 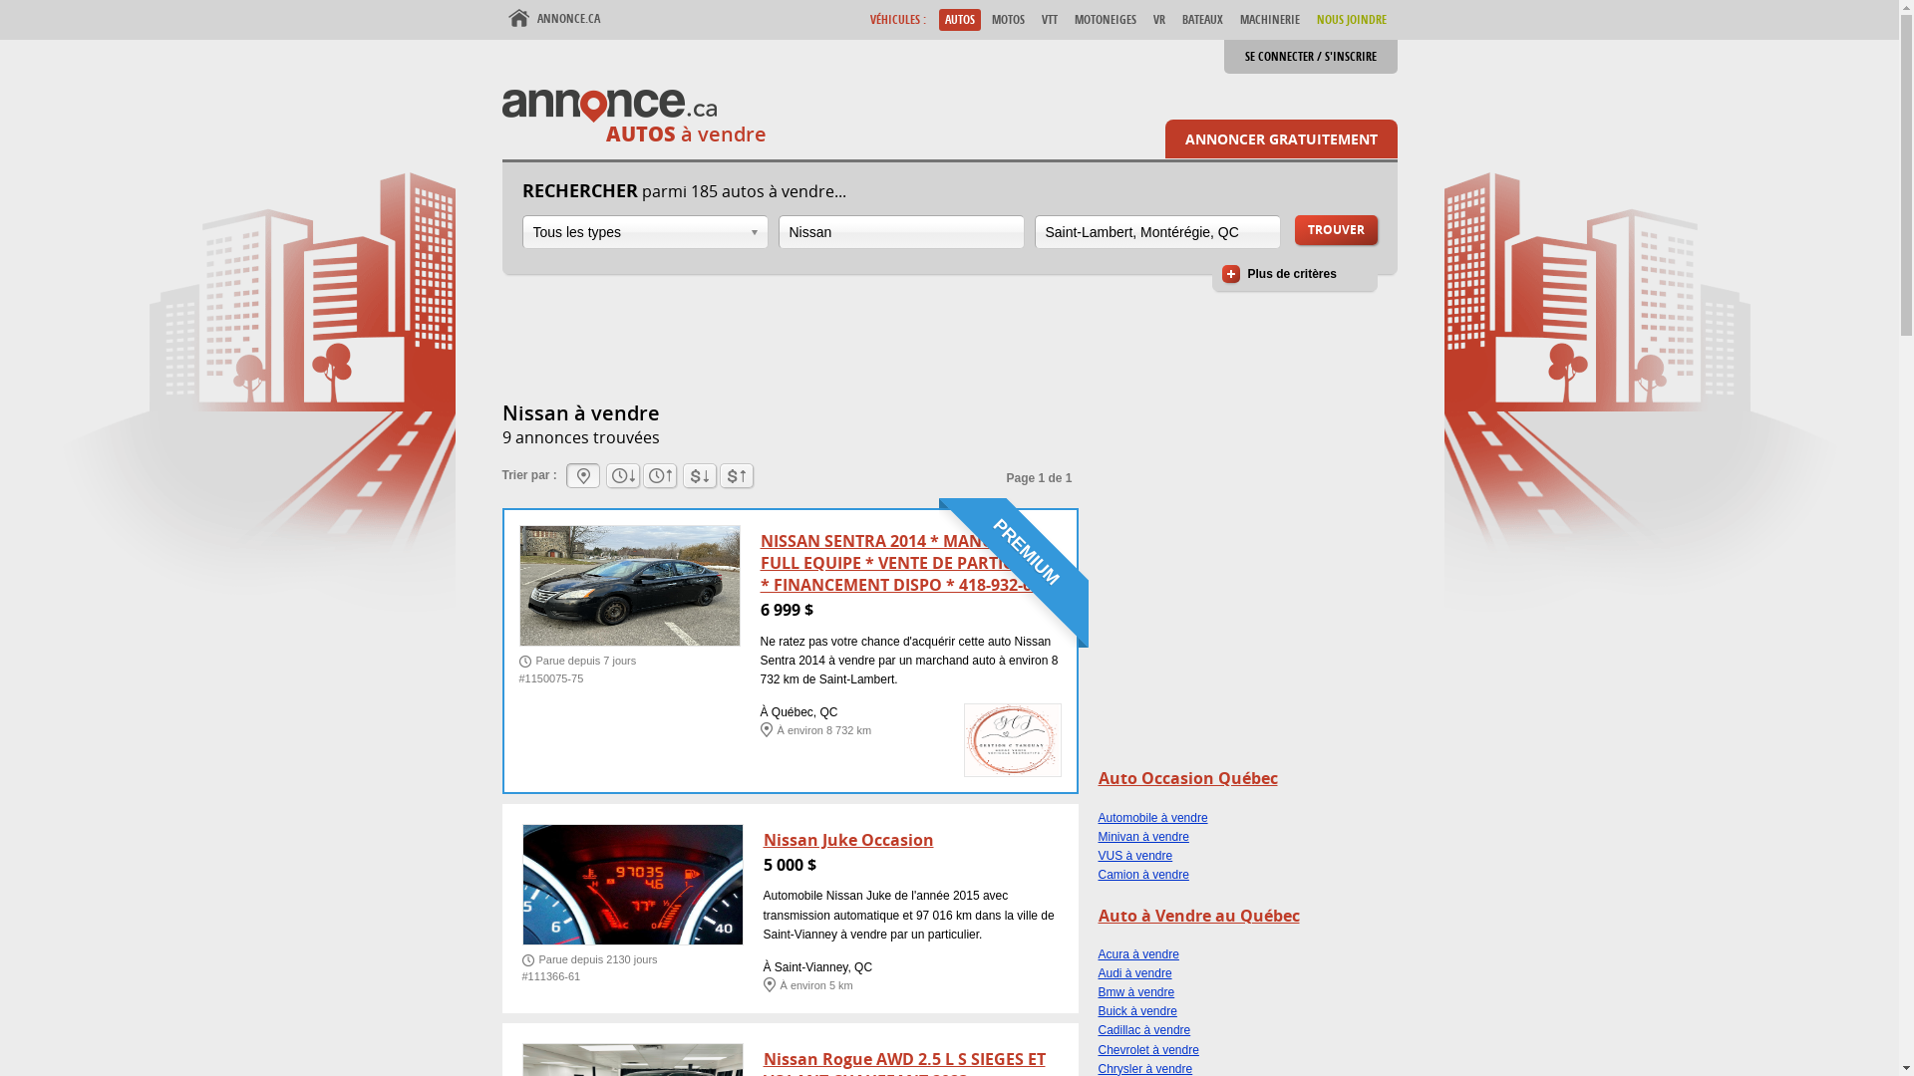 I want to click on 'MOTOS', so click(x=1007, y=19).